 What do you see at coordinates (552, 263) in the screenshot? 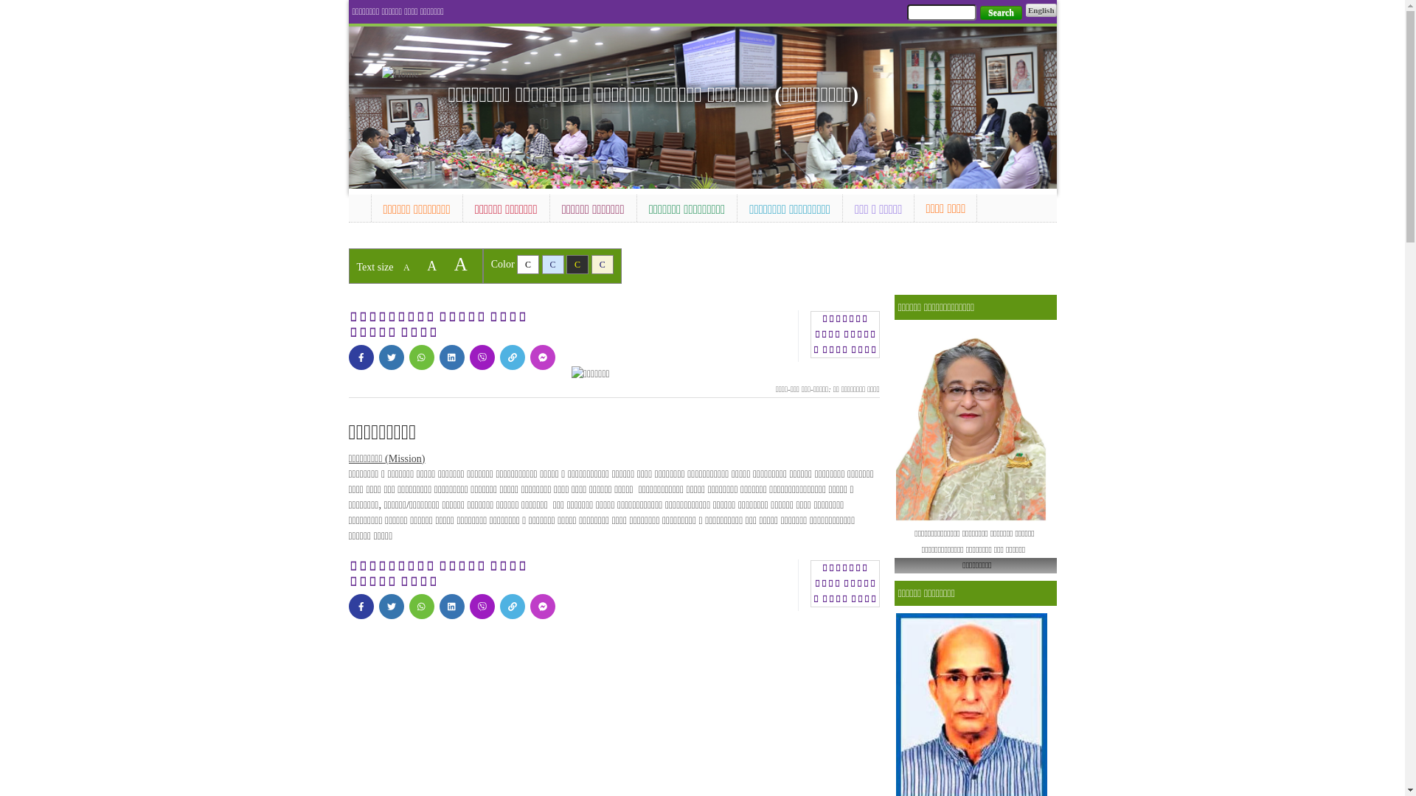
I see `'C'` at bounding box center [552, 263].